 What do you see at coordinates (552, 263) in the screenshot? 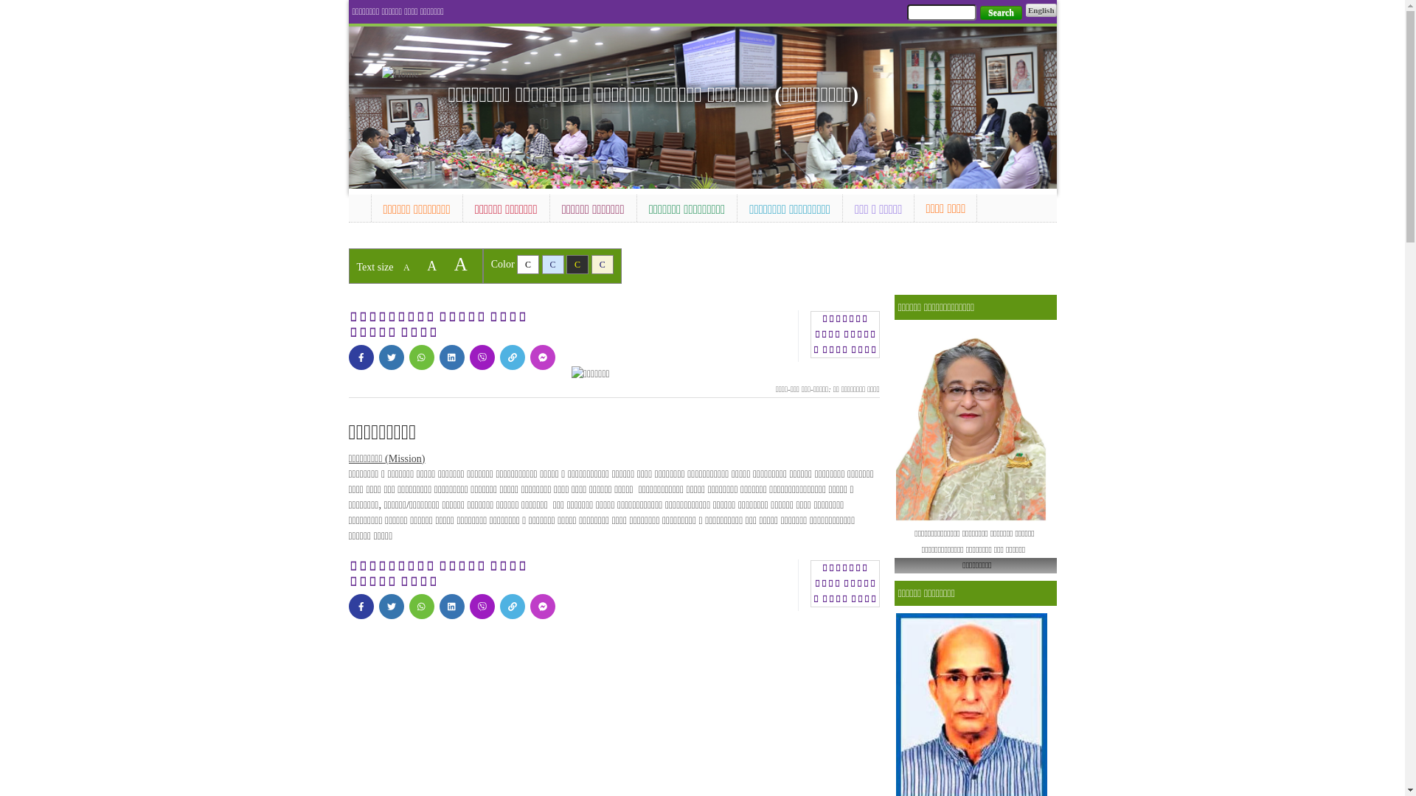
I see `'C'` at bounding box center [552, 263].